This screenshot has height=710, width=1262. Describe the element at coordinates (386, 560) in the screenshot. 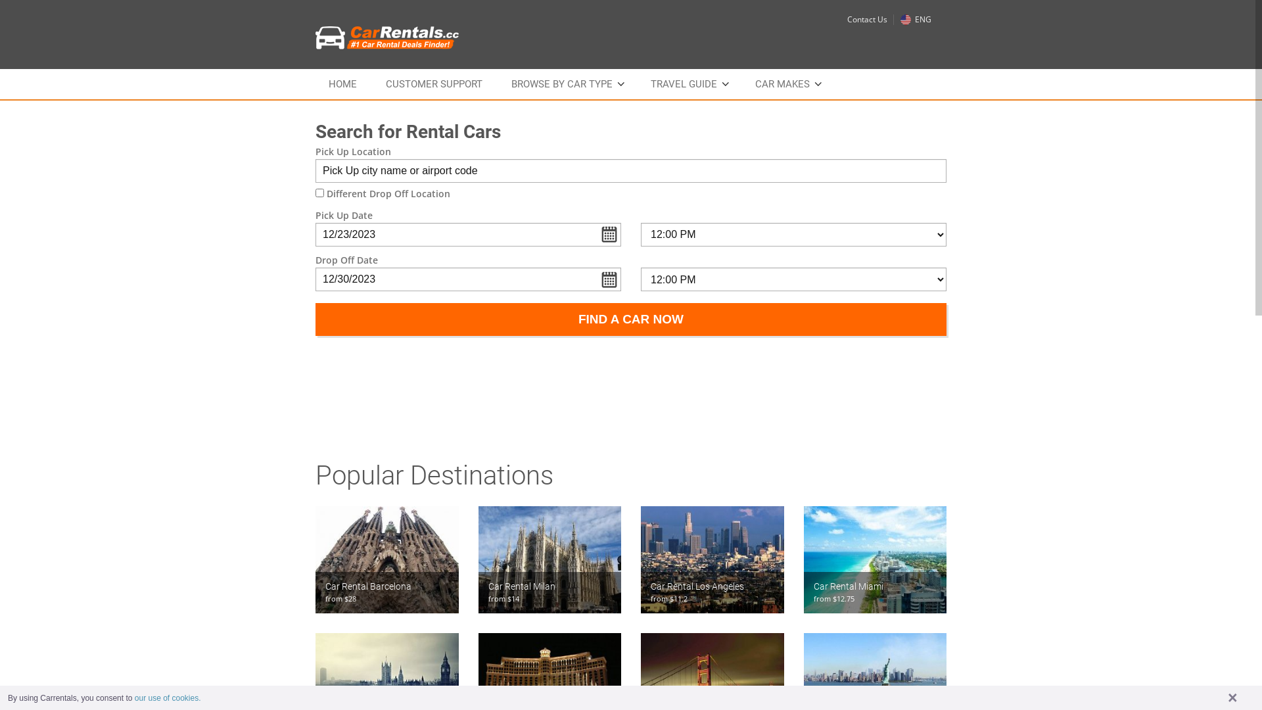

I see `'Car Rental Barcelona` at that location.